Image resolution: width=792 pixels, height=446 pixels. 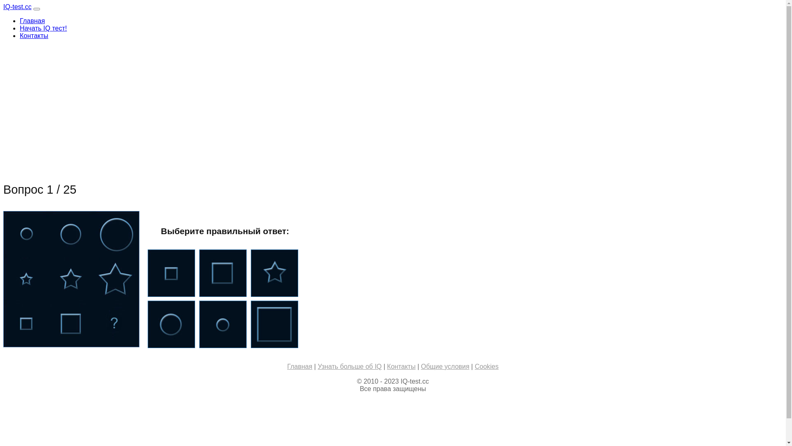 I want to click on 'Advertisement', so click(x=250, y=103).